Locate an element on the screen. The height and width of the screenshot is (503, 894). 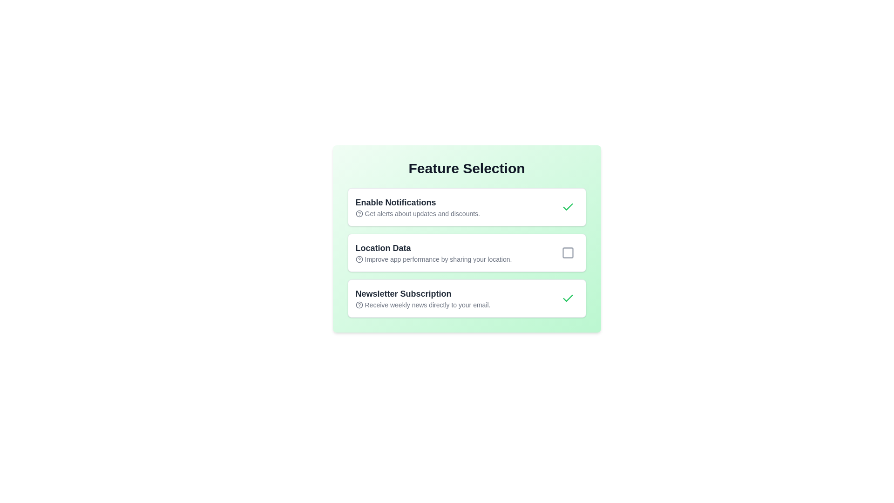
the checkbox on the card that allows users is located at coordinates (467, 253).